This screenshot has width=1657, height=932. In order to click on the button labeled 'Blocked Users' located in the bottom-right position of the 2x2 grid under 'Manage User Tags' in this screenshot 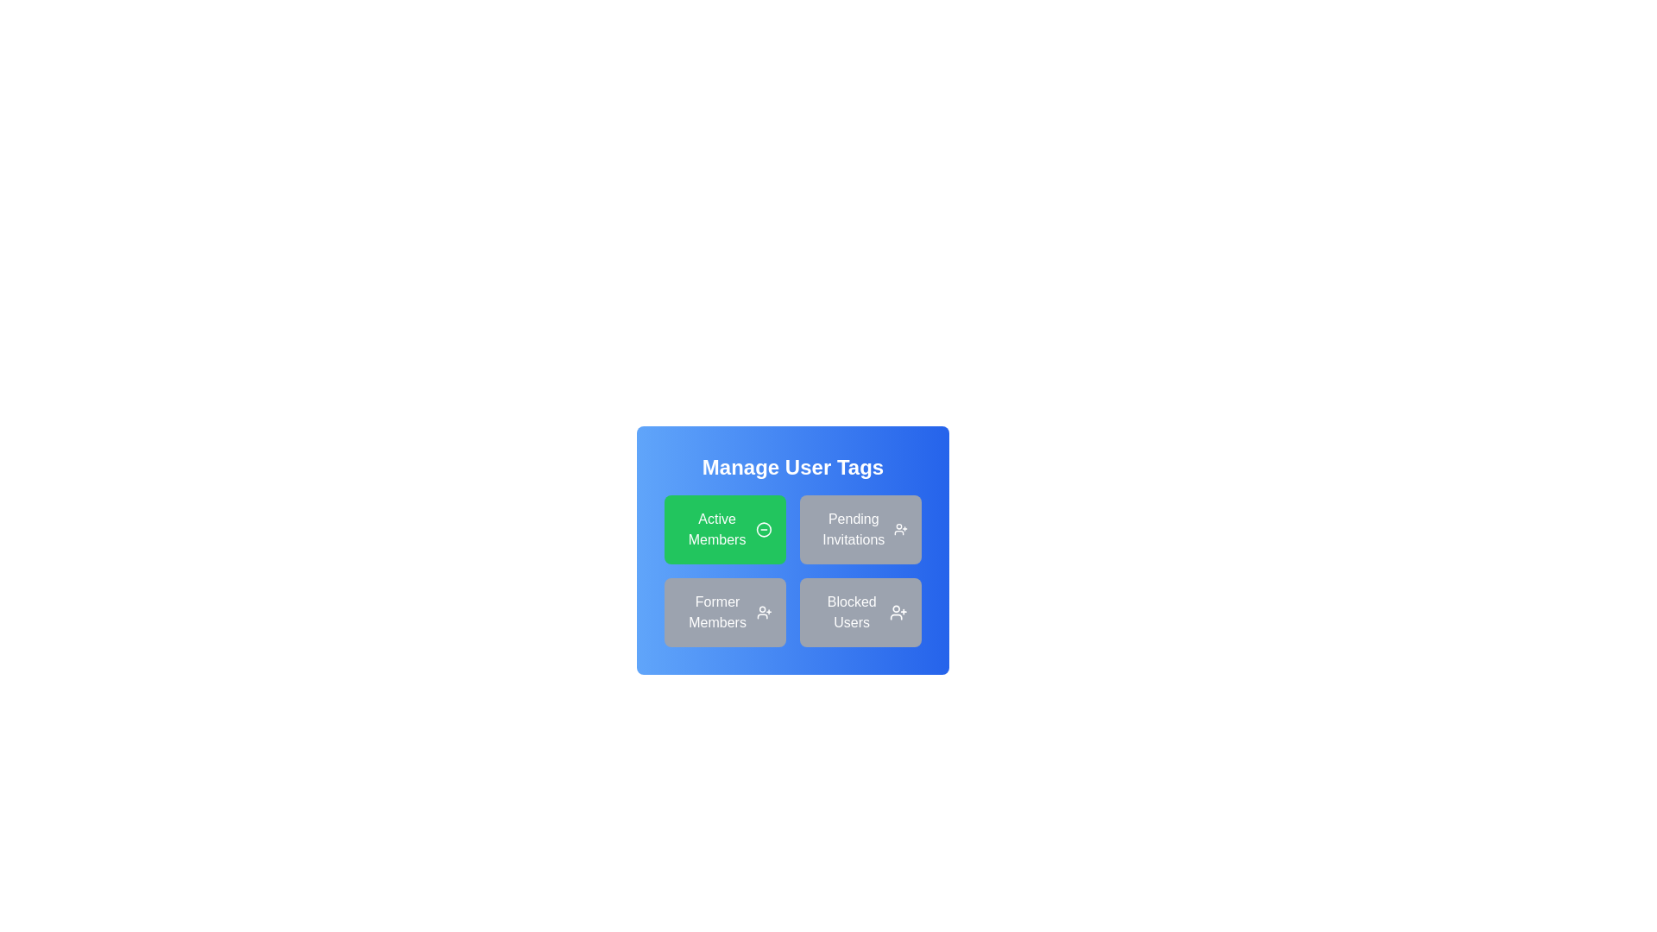, I will do `click(852, 611)`.